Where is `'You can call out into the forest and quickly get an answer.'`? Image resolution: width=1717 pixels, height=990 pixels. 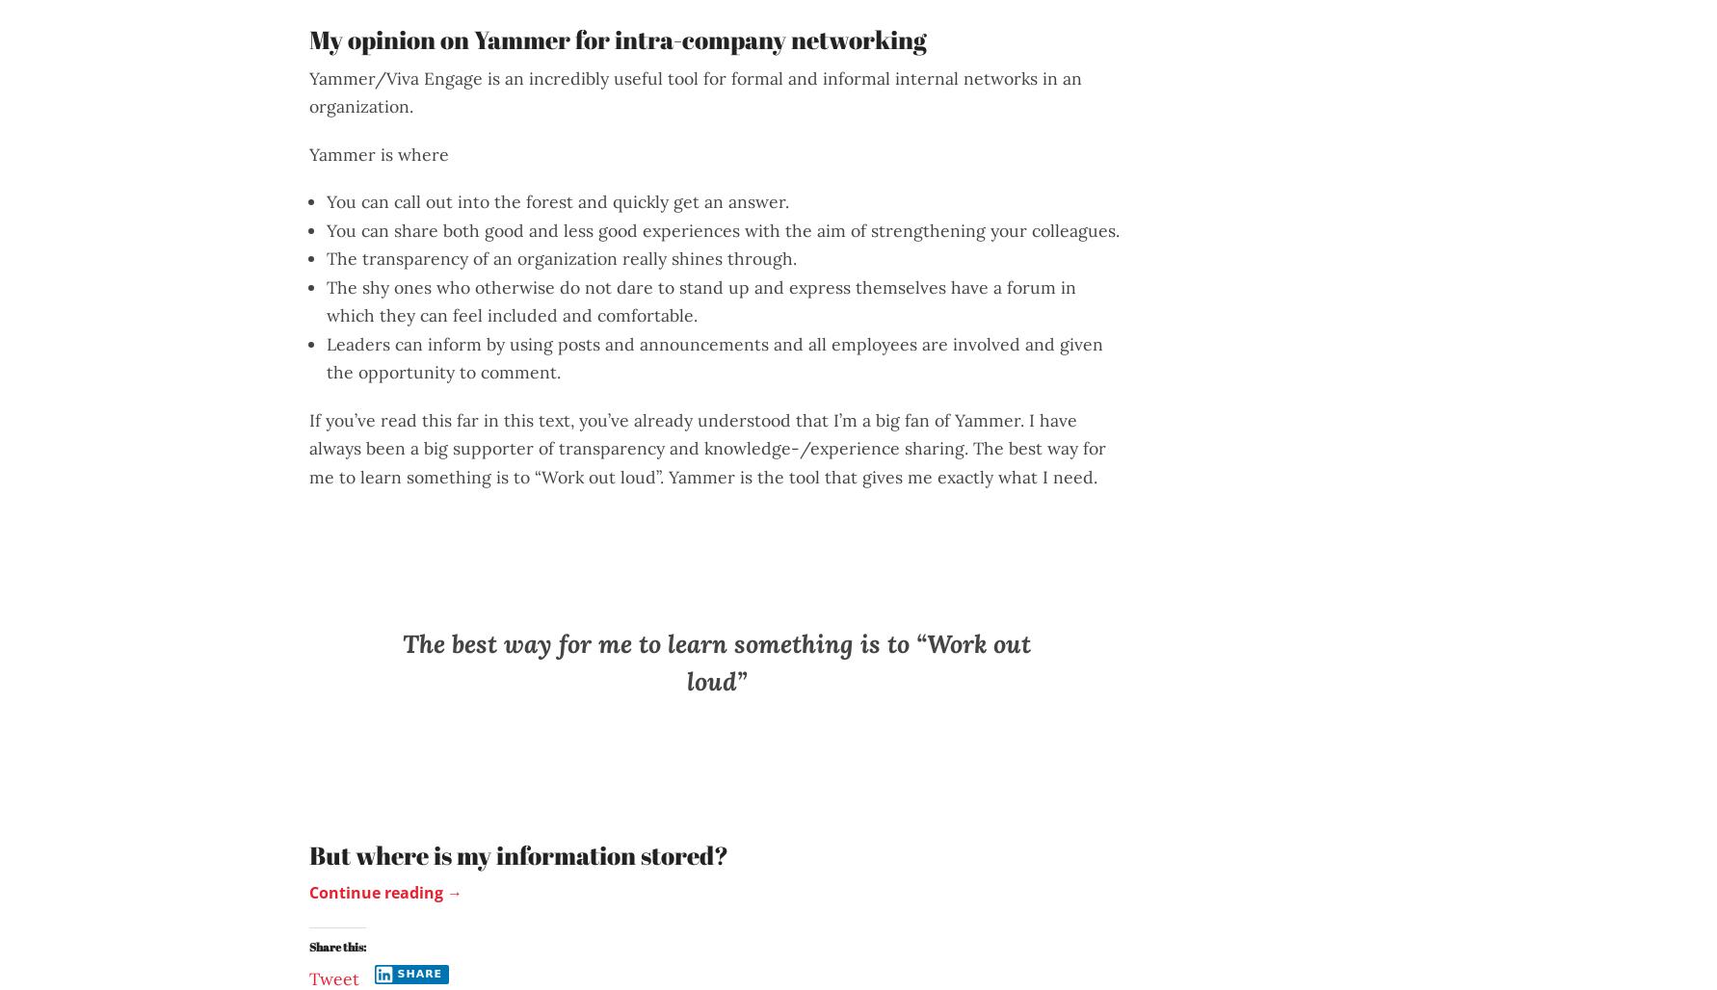
'You can call out into the forest and quickly get an answer.' is located at coordinates (325, 200).